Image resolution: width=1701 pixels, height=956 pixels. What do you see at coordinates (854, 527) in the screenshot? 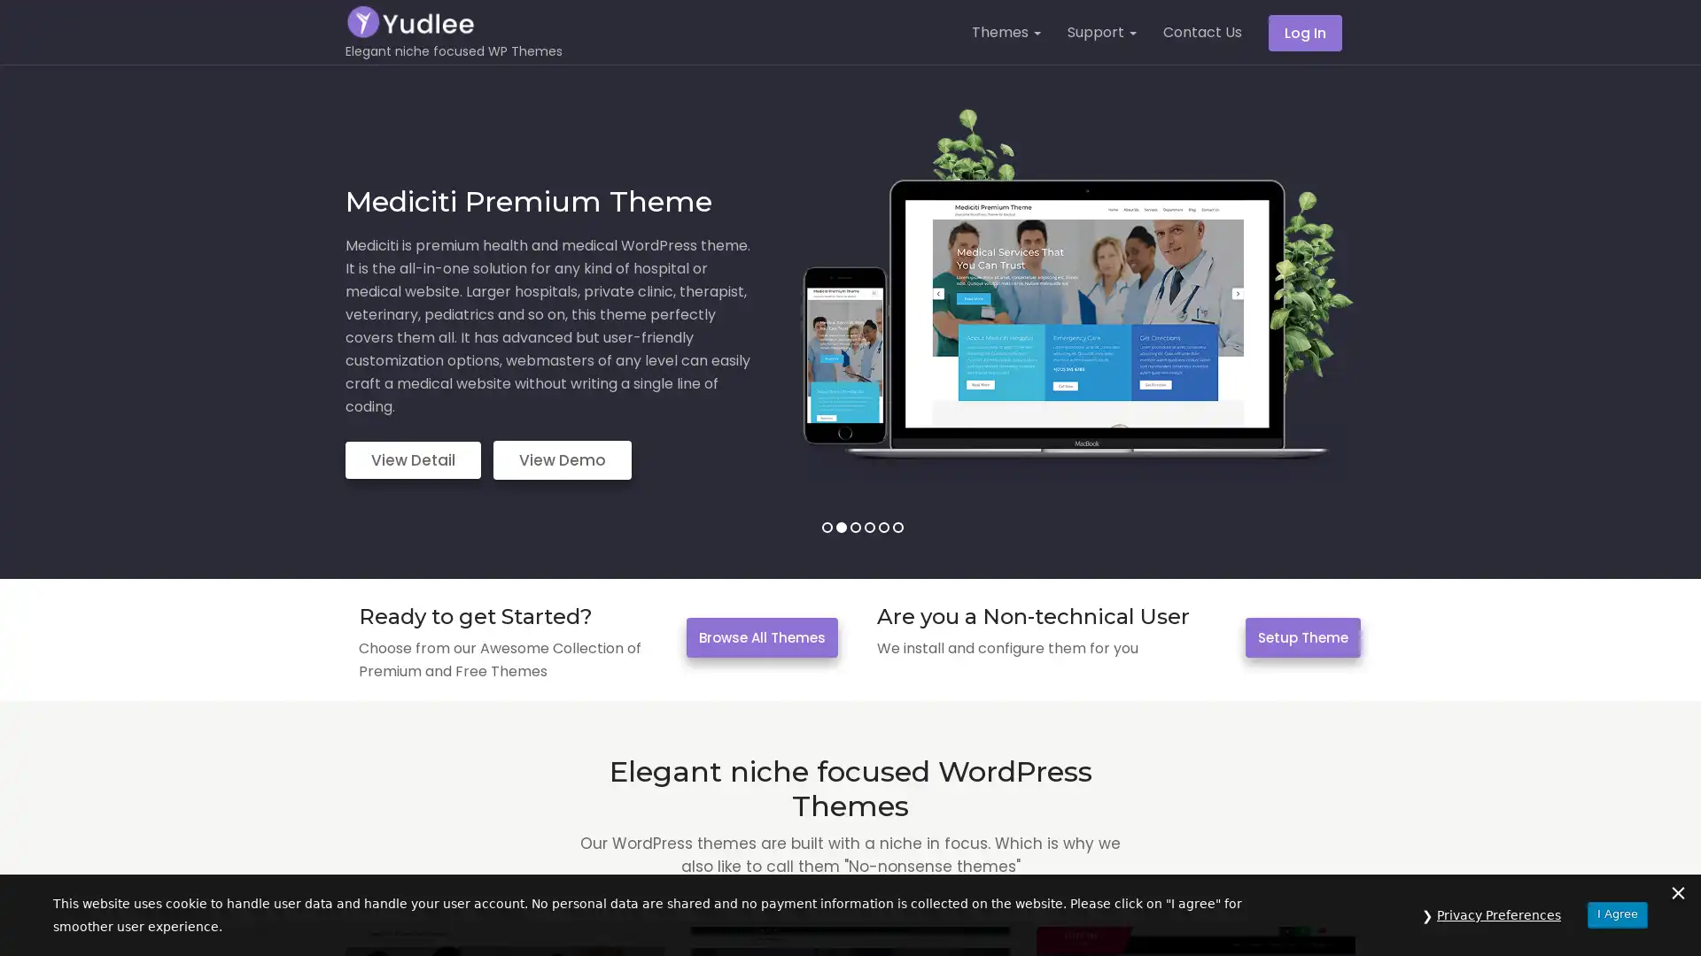
I see `3` at bounding box center [854, 527].